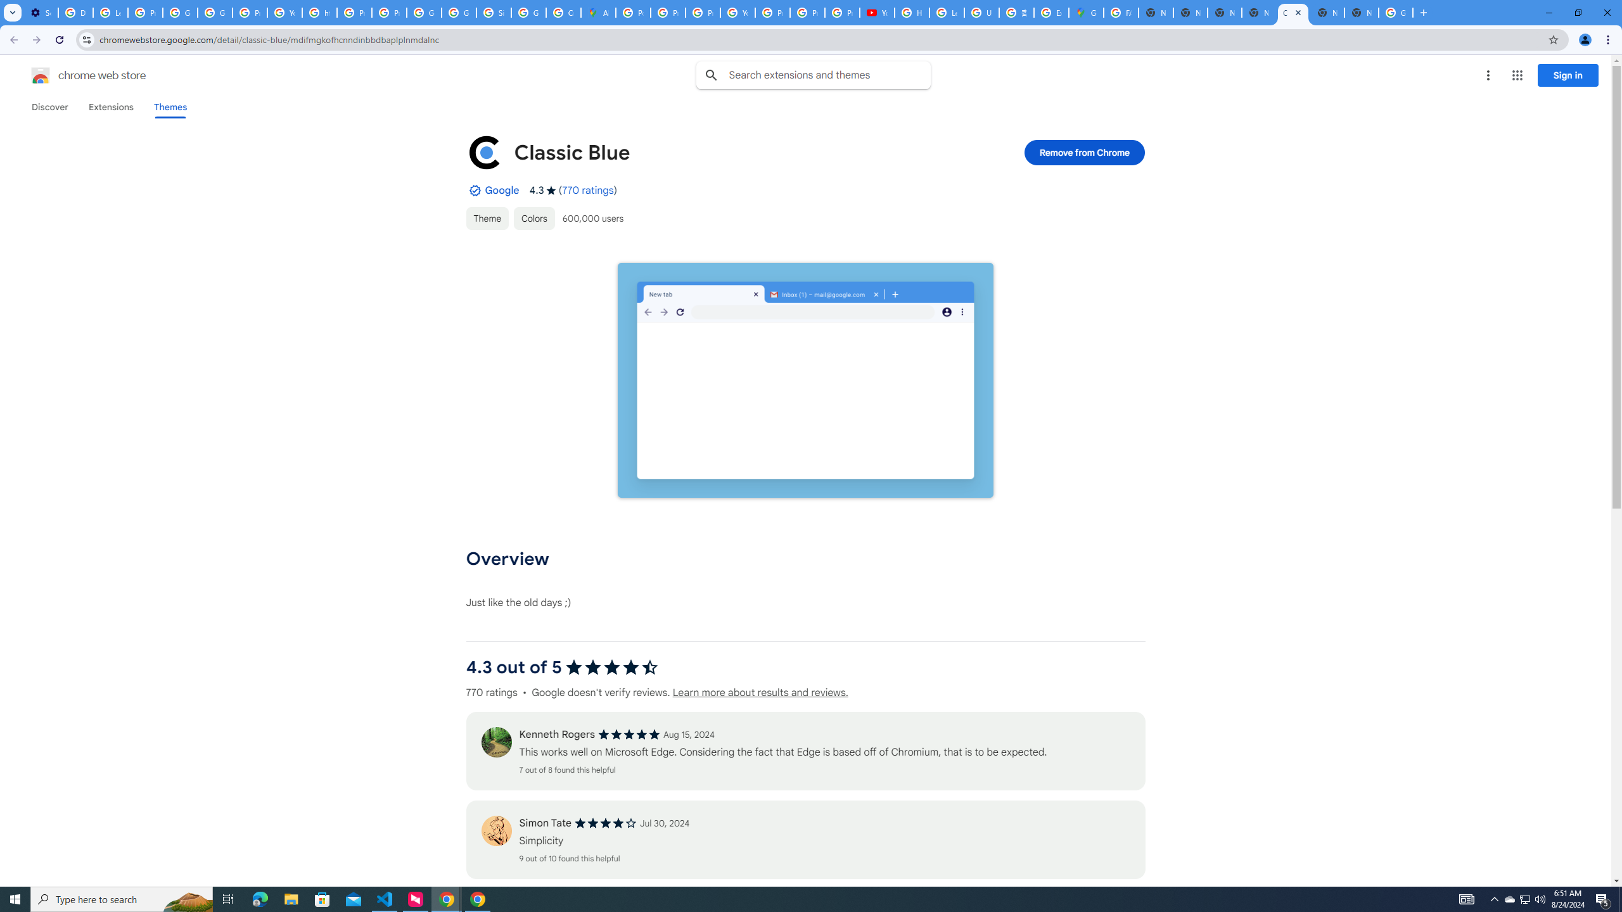  What do you see at coordinates (667, 12) in the screenshot?
I see `'Privacy Help Center - Policies Help'` at bounding box center [667, 12].